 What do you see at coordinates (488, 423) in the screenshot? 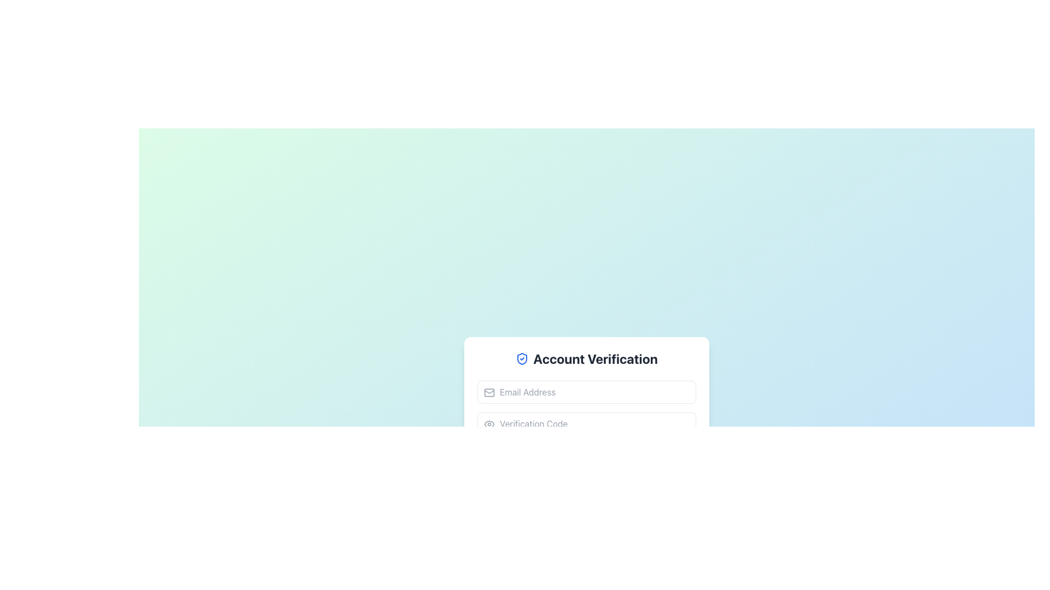
I see `the small eye icon button within the verification code input area` at bounding box center [488, 423].